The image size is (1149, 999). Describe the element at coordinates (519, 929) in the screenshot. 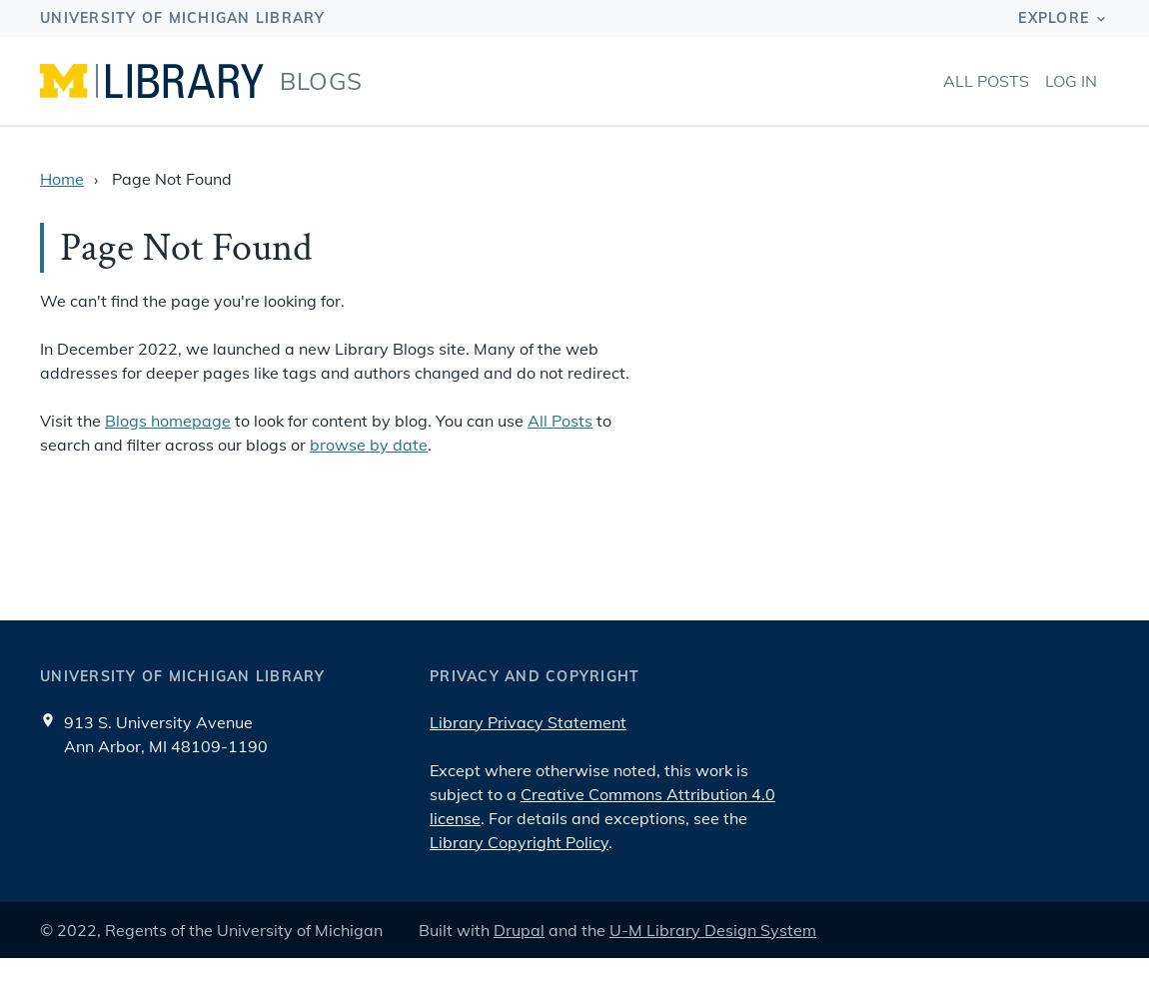

I see `'Drupal'` at that location.